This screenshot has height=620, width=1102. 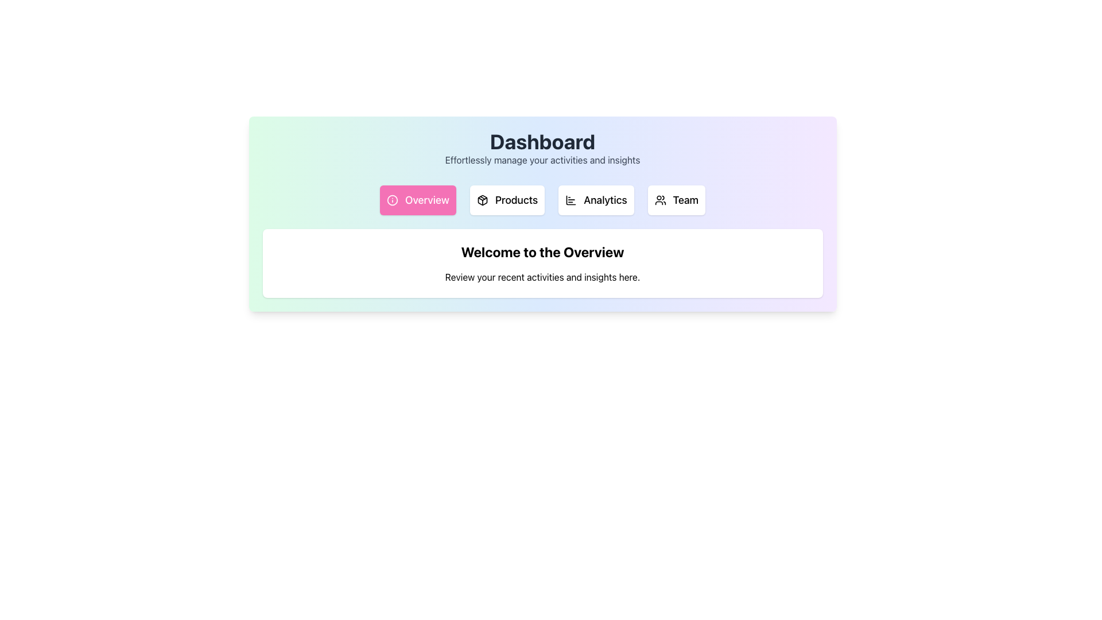 What do you see at coordinates (392, 199) in the screenshot?
I see `the icon located to the left of the 'Overview' button` at bounding box center [392, 199].